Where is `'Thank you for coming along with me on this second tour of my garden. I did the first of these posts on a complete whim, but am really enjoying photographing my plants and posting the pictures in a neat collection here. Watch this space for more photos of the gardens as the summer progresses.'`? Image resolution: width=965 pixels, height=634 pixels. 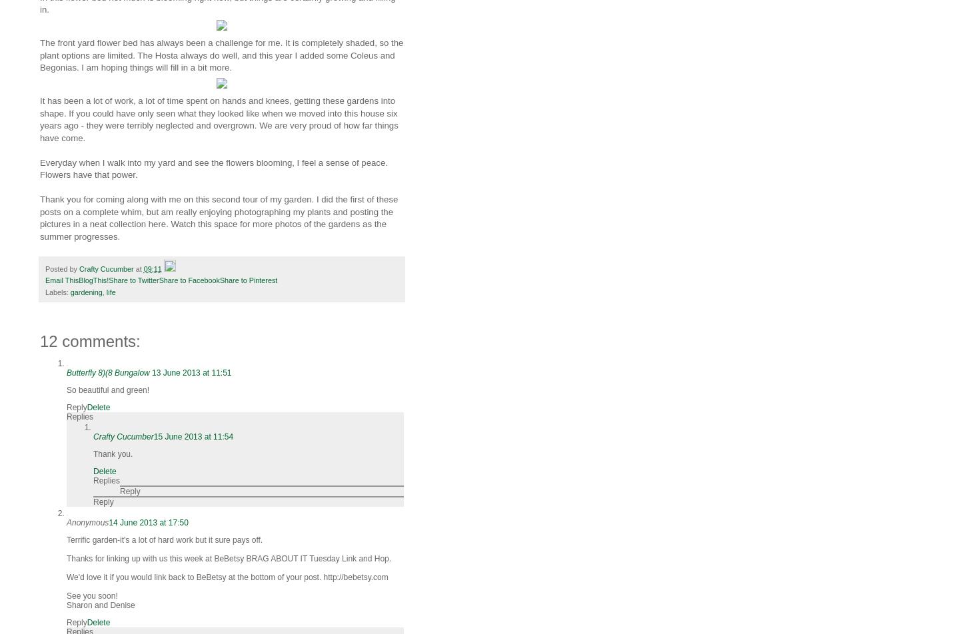
'Thank you for coming along with me on this second tour of my garden. I did the first of these posts on a complete whim, but am really enjoying photographing my plants and posting the pictures in a neat collection here. Watch this space for more photos of the gardens as the summer progresses.' is located at coordinates (39, 218).